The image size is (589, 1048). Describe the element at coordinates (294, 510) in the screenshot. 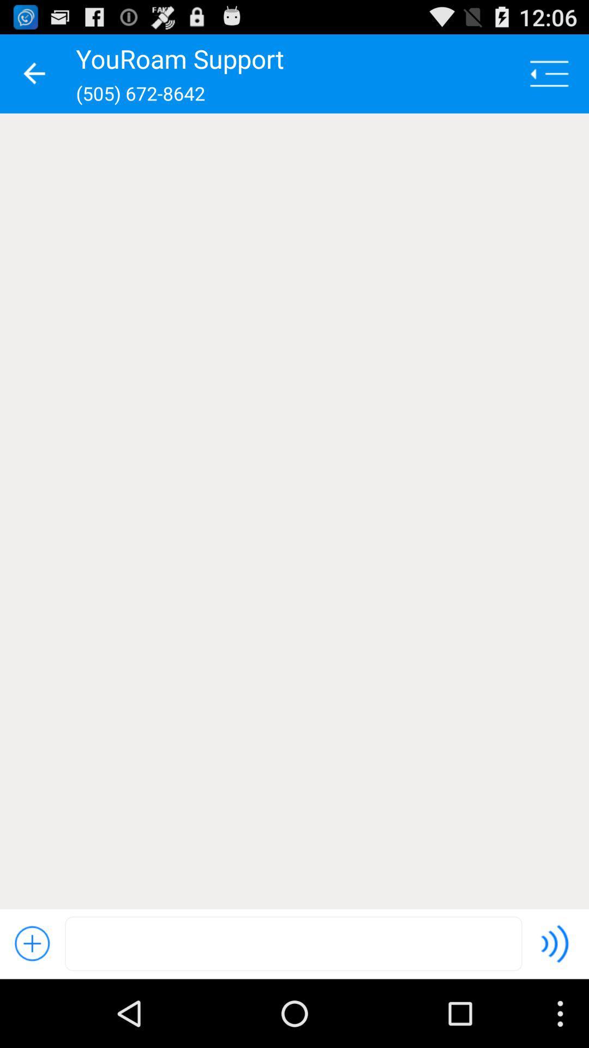

I see `icon below (505) 672-8642 item` at that location.